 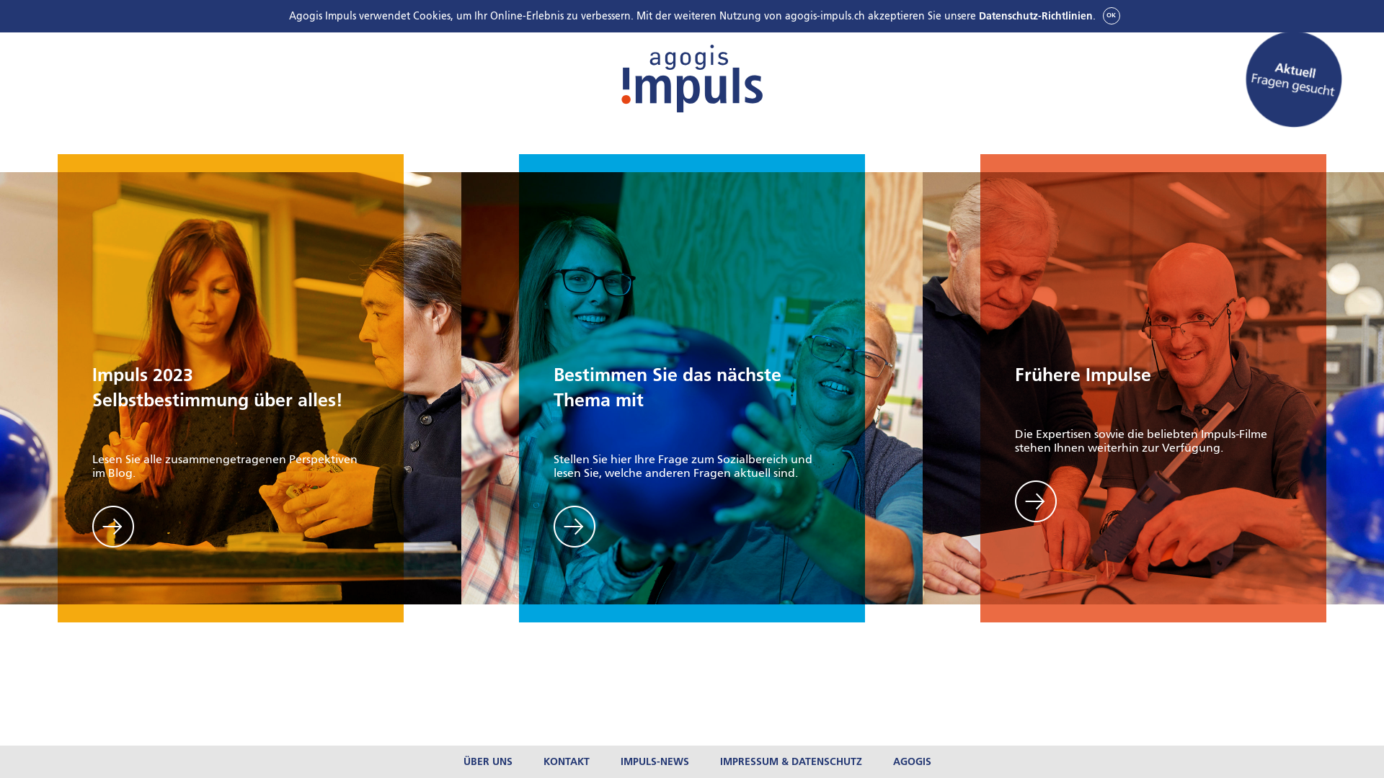 I want to click on 'KONTAKT', so click(x=566, y=761).